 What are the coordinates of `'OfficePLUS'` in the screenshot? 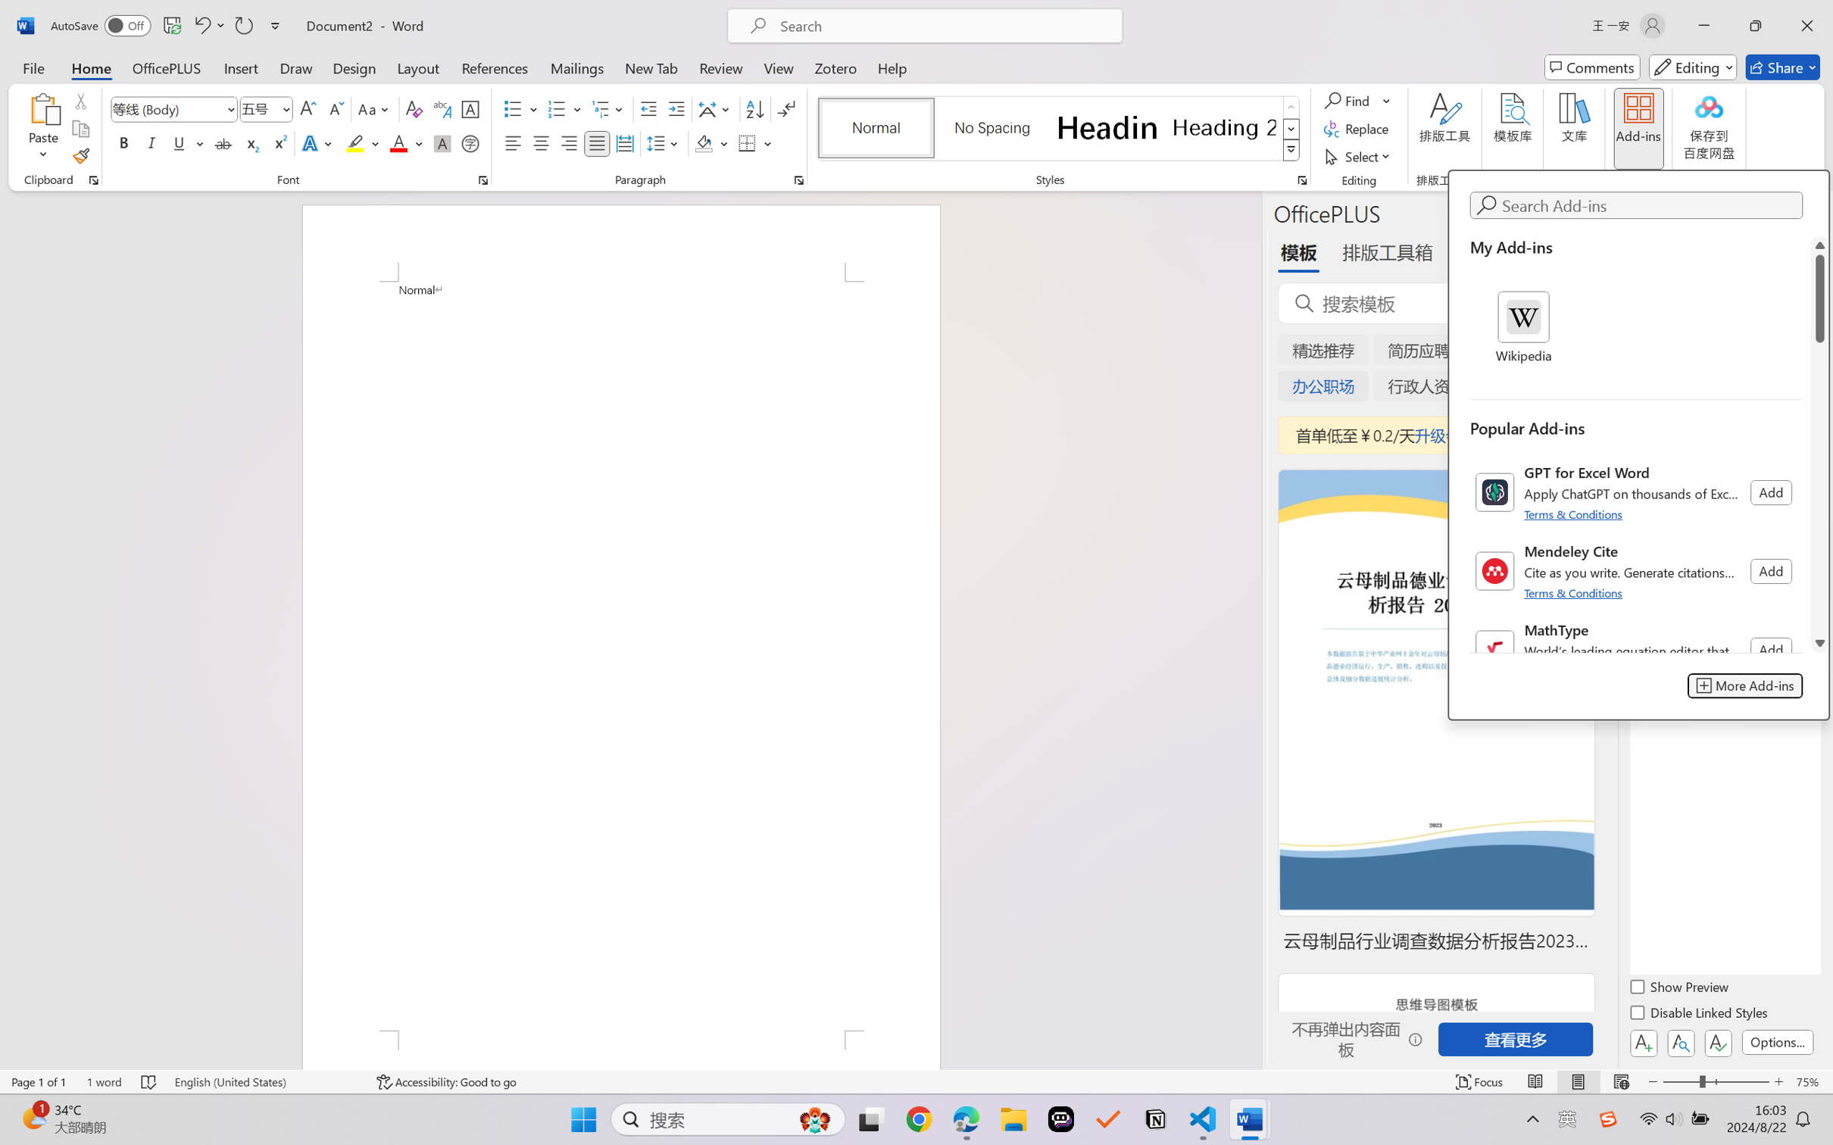 It's located at (165, 67).